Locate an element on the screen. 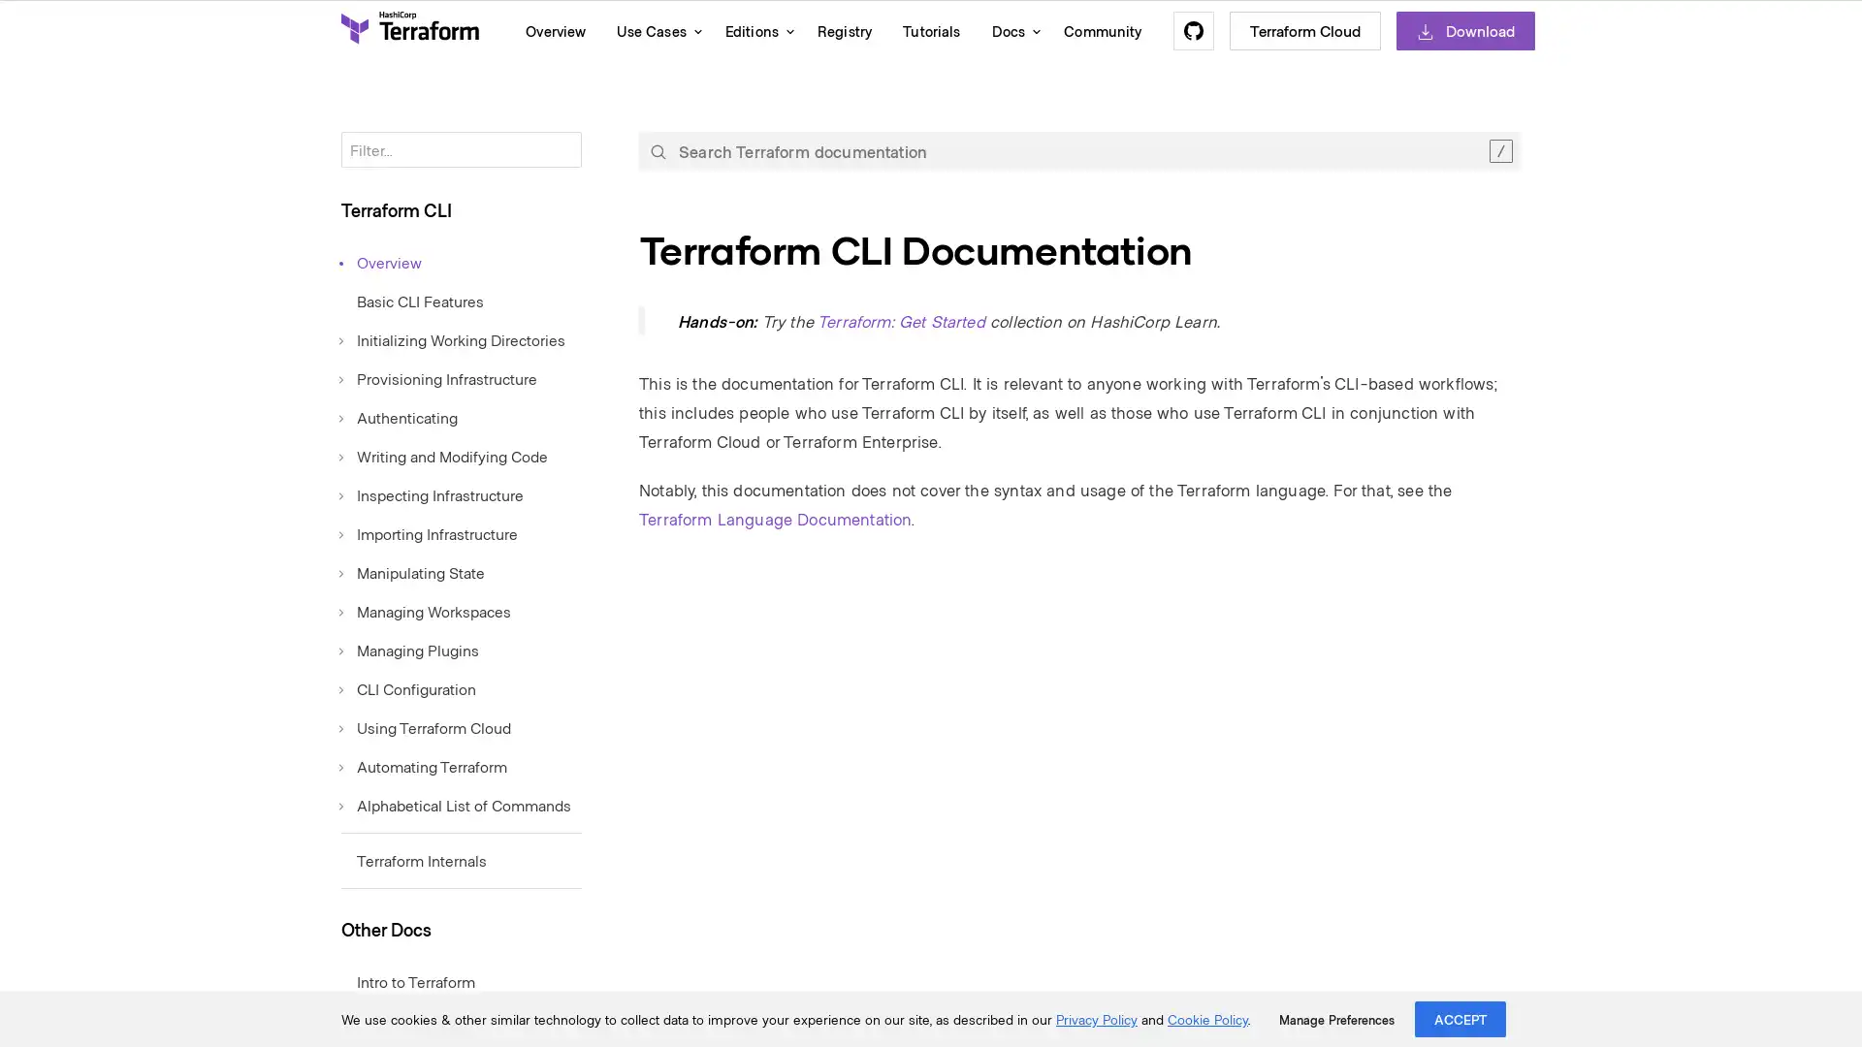 The height and width of the screenshot is (1047, 1862). Importing Infrastructure is located at coordinates (428, 533).